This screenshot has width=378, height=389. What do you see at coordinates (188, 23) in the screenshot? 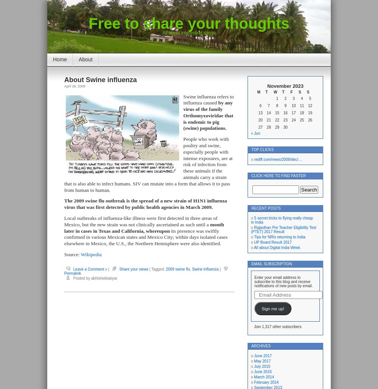
I see `'Free to share your thoughts'` at bounding box center [188, 23].